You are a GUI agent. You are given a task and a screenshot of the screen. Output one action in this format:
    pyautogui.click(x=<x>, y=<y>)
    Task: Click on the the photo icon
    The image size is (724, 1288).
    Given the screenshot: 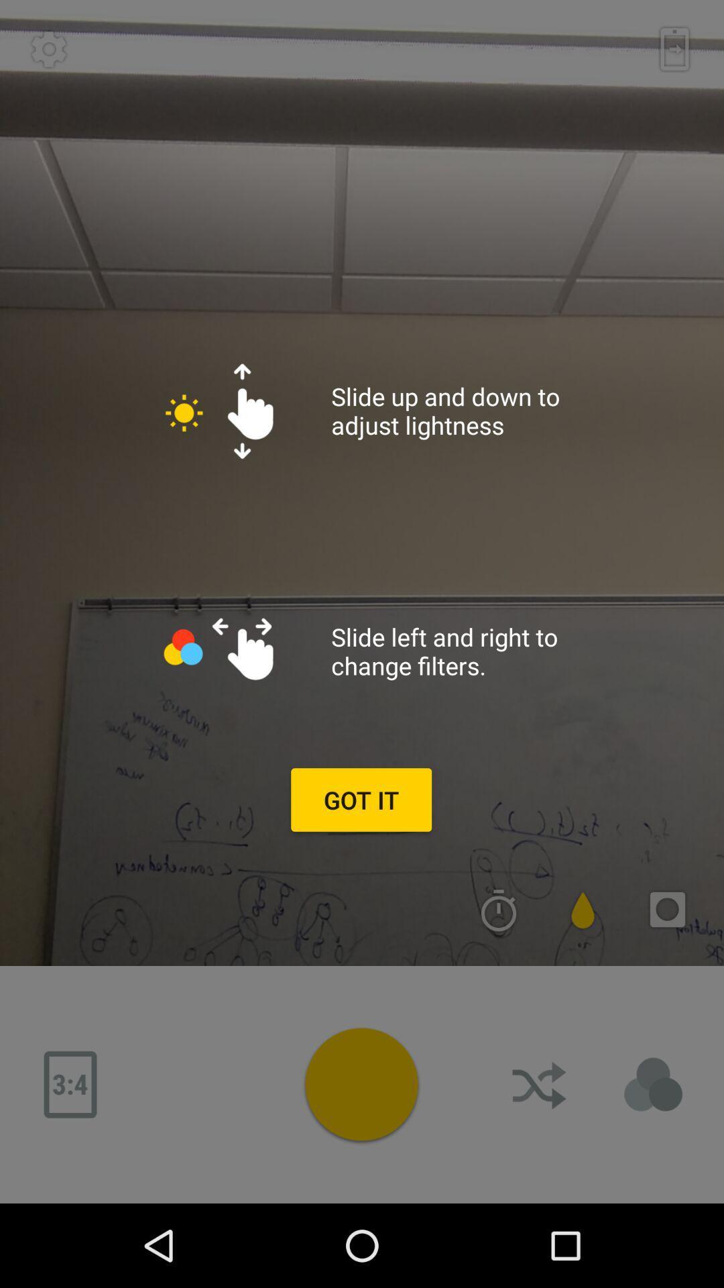 What is the action you would take?
    pyautogui.click(x=667, y=910)
    